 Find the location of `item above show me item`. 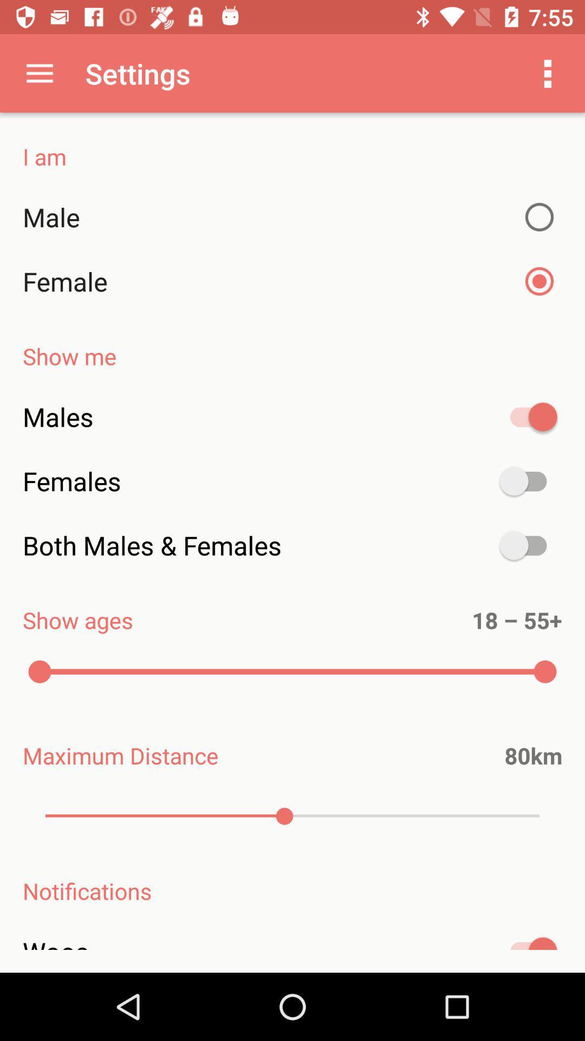

item above show me item is located at coordinates (292, 281).